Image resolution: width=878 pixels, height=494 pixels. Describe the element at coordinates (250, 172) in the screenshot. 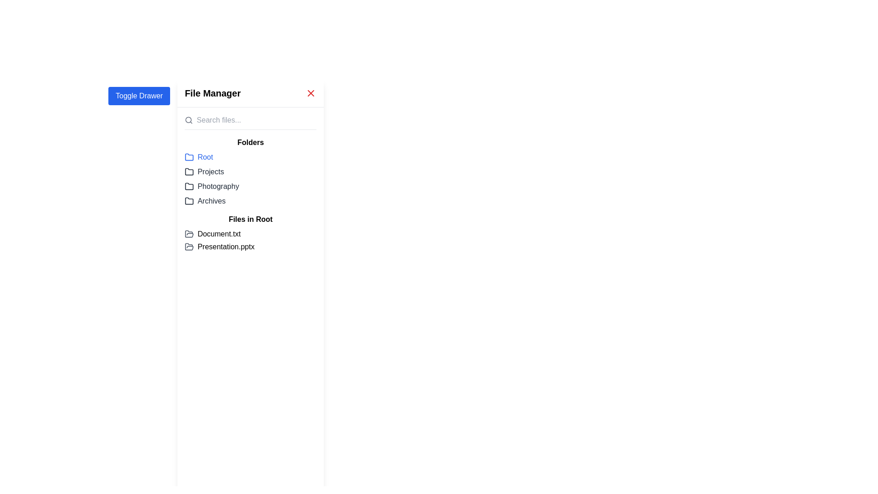

I see `the 'Projects' folder item in the file management interface` at that location.